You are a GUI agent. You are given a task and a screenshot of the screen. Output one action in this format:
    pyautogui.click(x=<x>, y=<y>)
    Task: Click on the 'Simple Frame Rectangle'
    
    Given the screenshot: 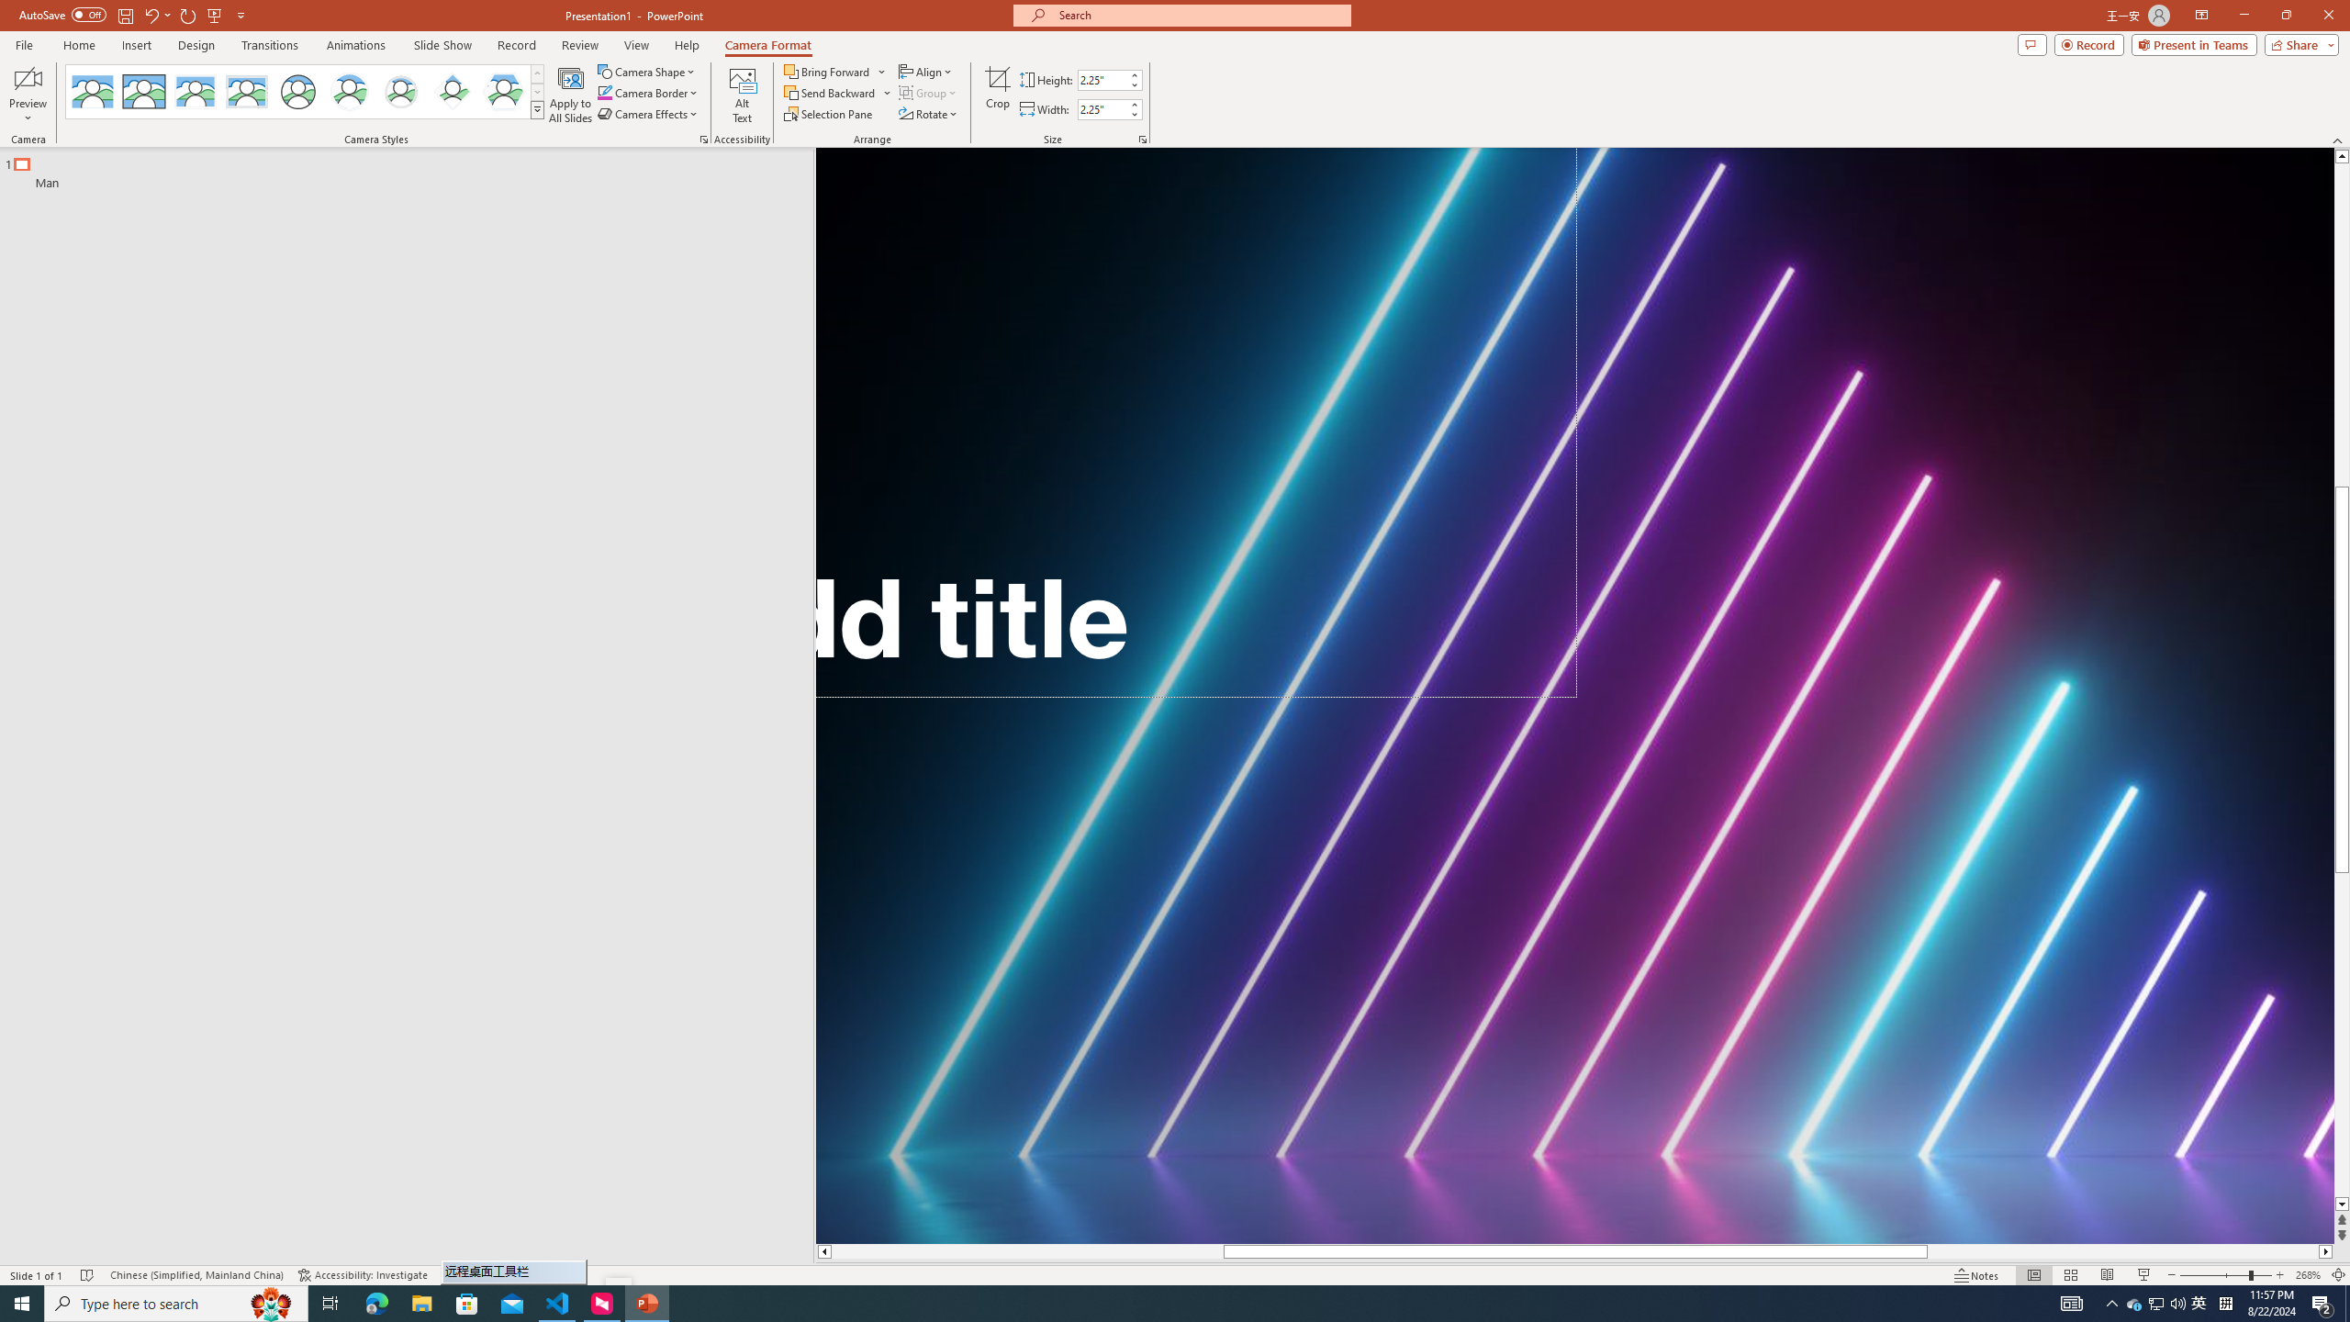 What is the action you would take?
    pyautogui.click(x=142, y=91)
    